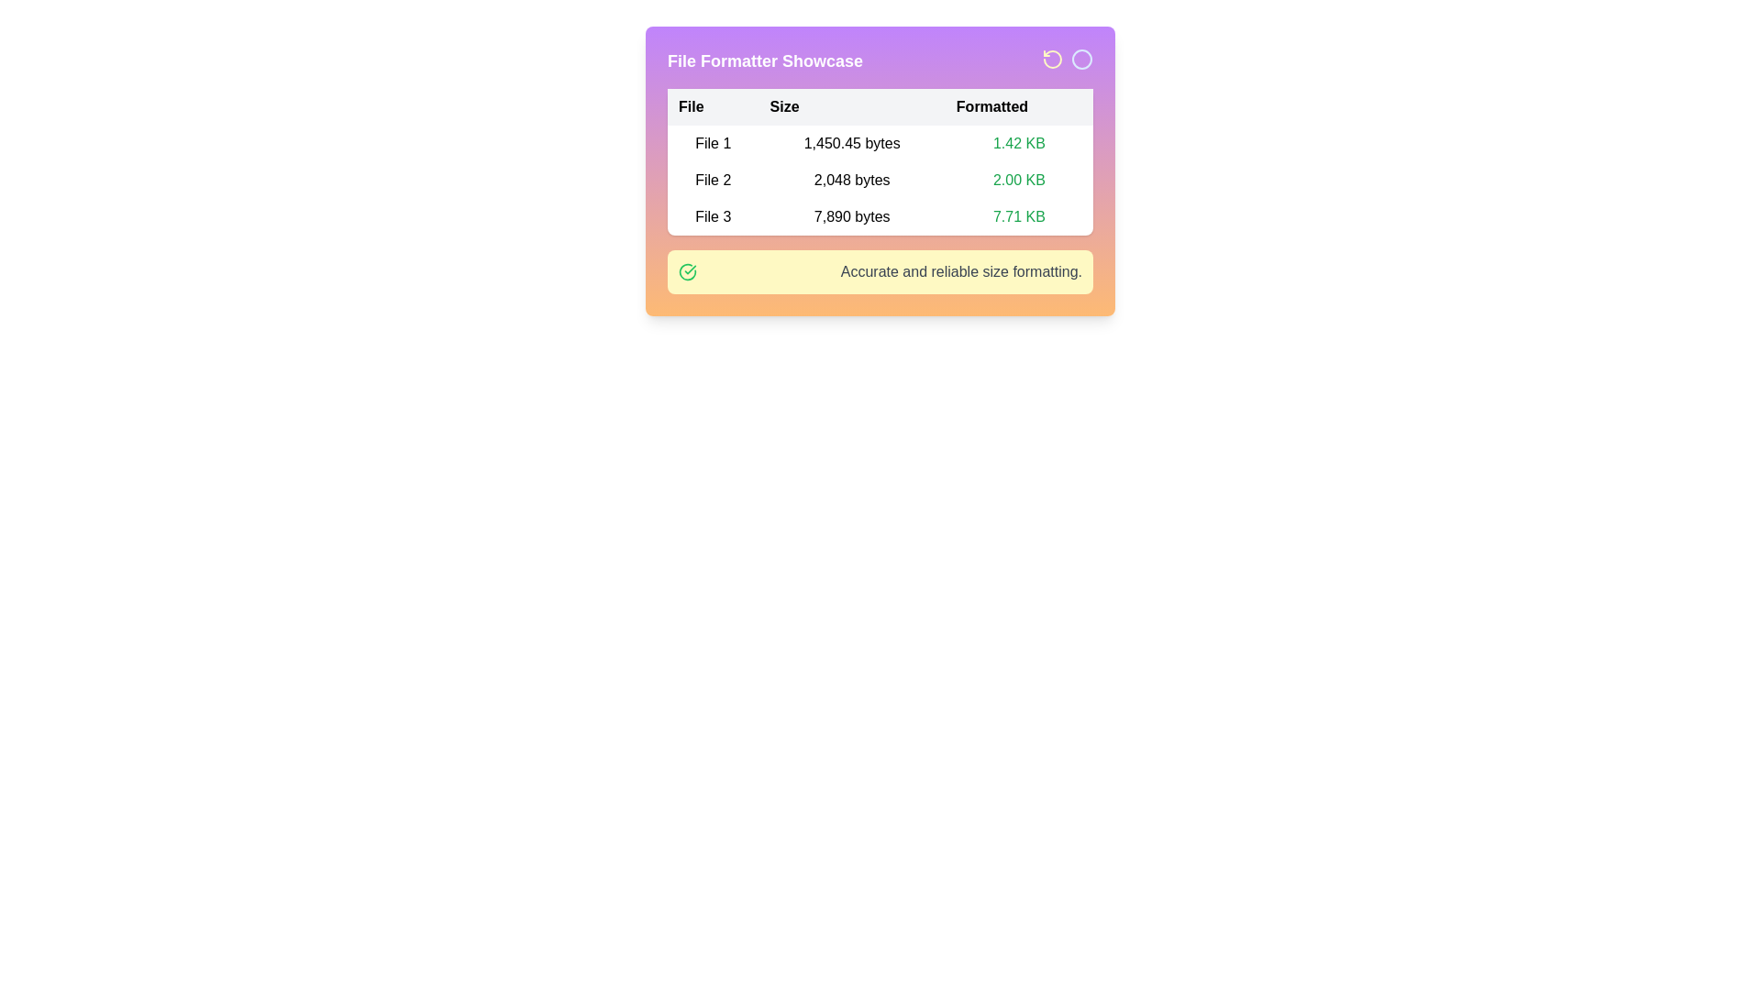  Describe the element at coordinates (880, 180) in the screenshot. I see `the second data row in the table-like structure that displays file information, including file names and sizes` at that location.